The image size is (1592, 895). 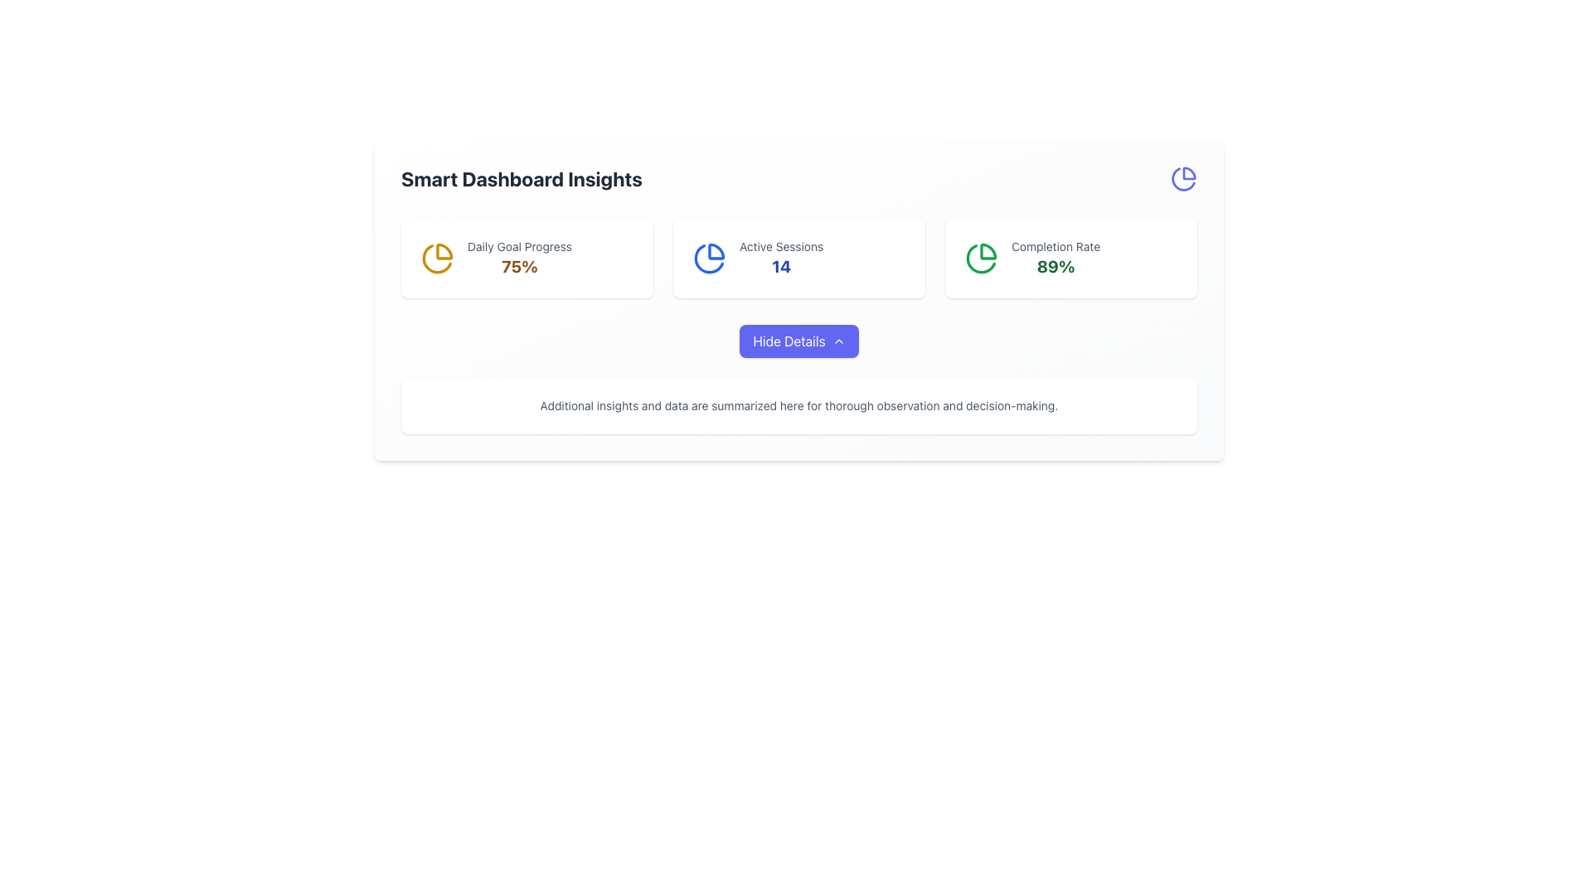 What do you see at coordinates (1055, 259) in the screenshot?
I see `the 'Completion Rate' text display element, which shows '89%' in a larger green font and is part of the third information card on the right in the central section of the dashboard` at bounding box center [1055, 259].